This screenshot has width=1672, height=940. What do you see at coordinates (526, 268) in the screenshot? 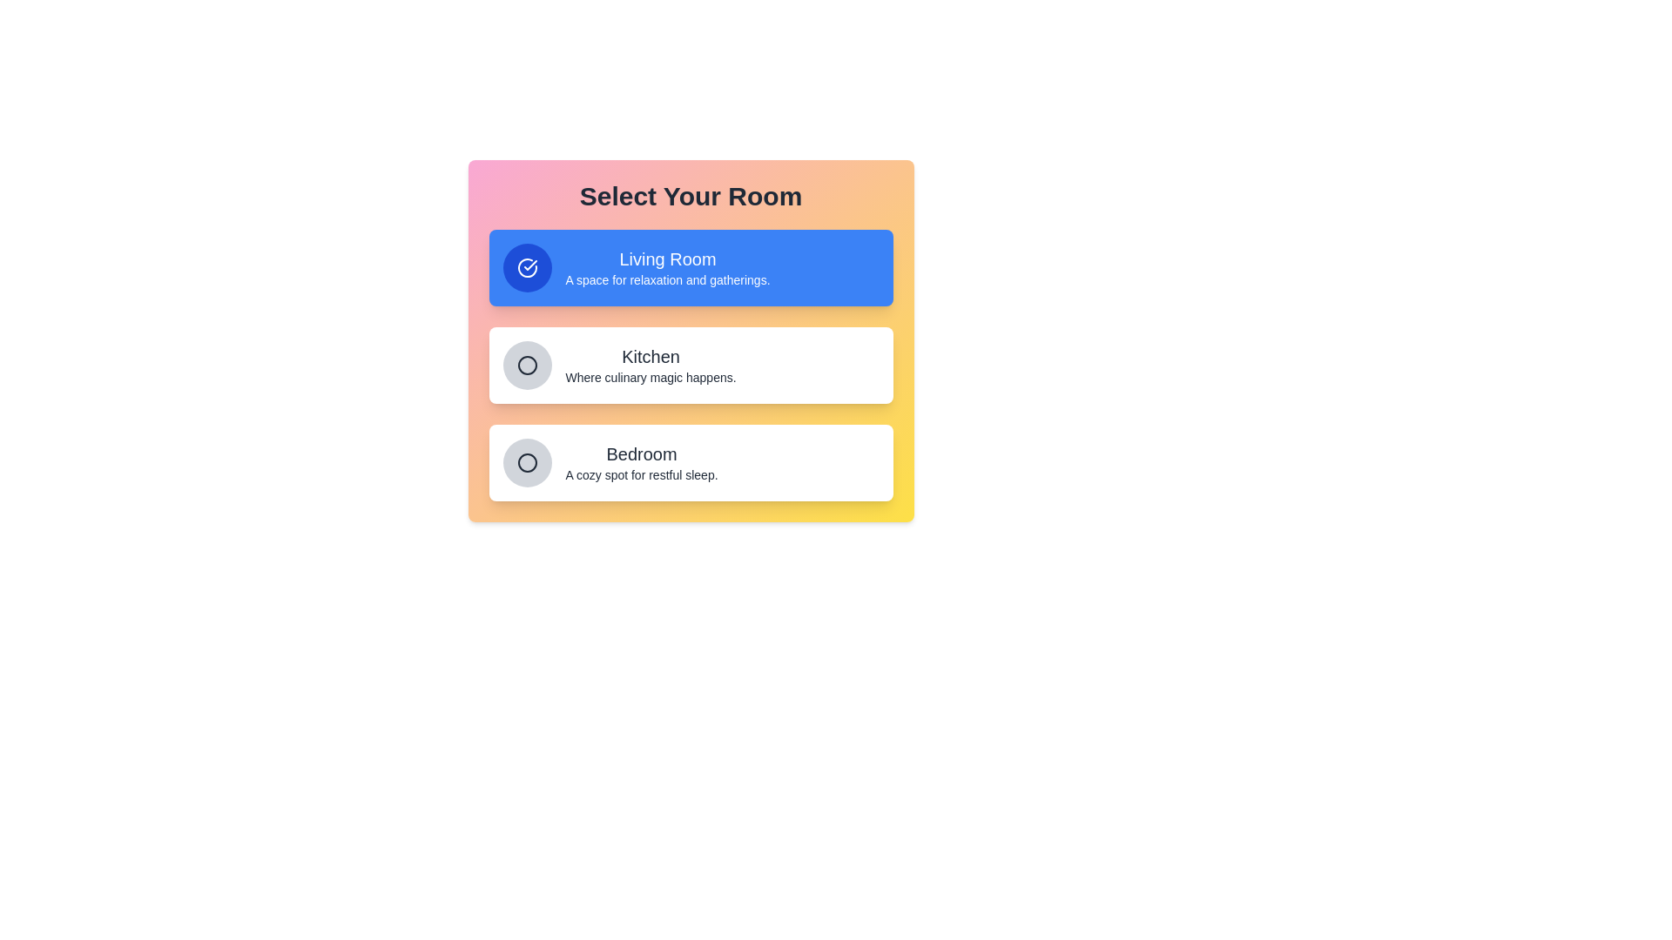
I see `the circular checkmark icon with a filled blue background located to the left of the 'Living Room' option` at bounding box center [526, 268].